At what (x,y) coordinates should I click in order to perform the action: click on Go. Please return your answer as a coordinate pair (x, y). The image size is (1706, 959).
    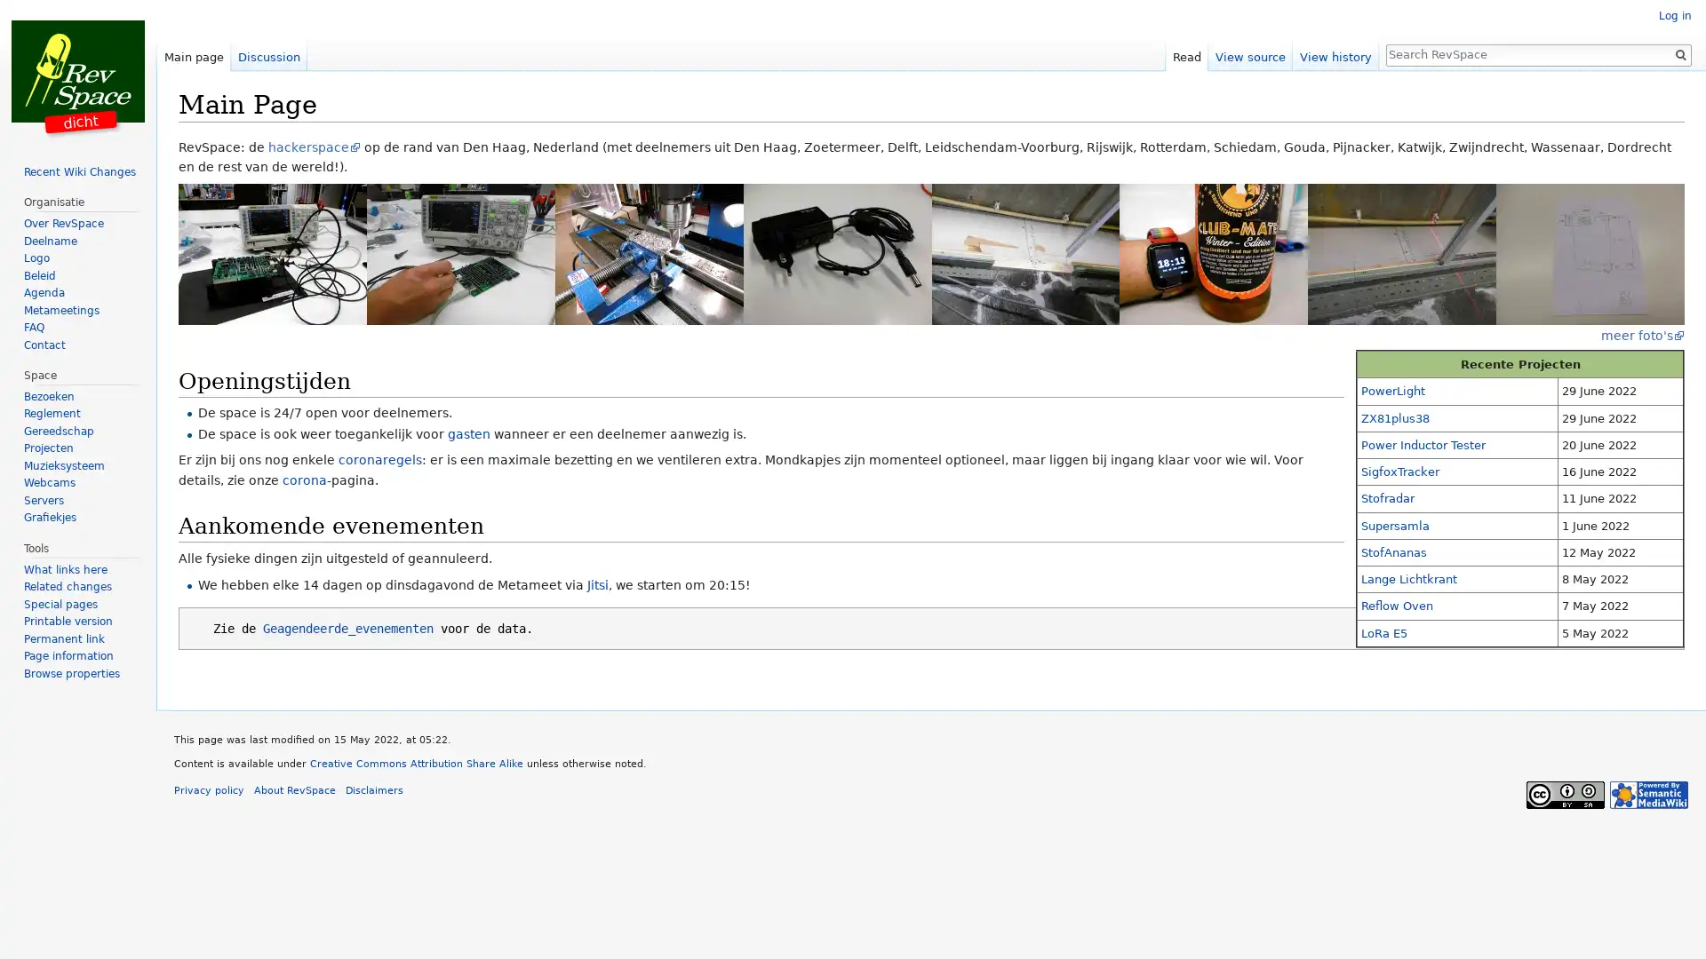
    Looking at the image, I should click on (1679, 53).